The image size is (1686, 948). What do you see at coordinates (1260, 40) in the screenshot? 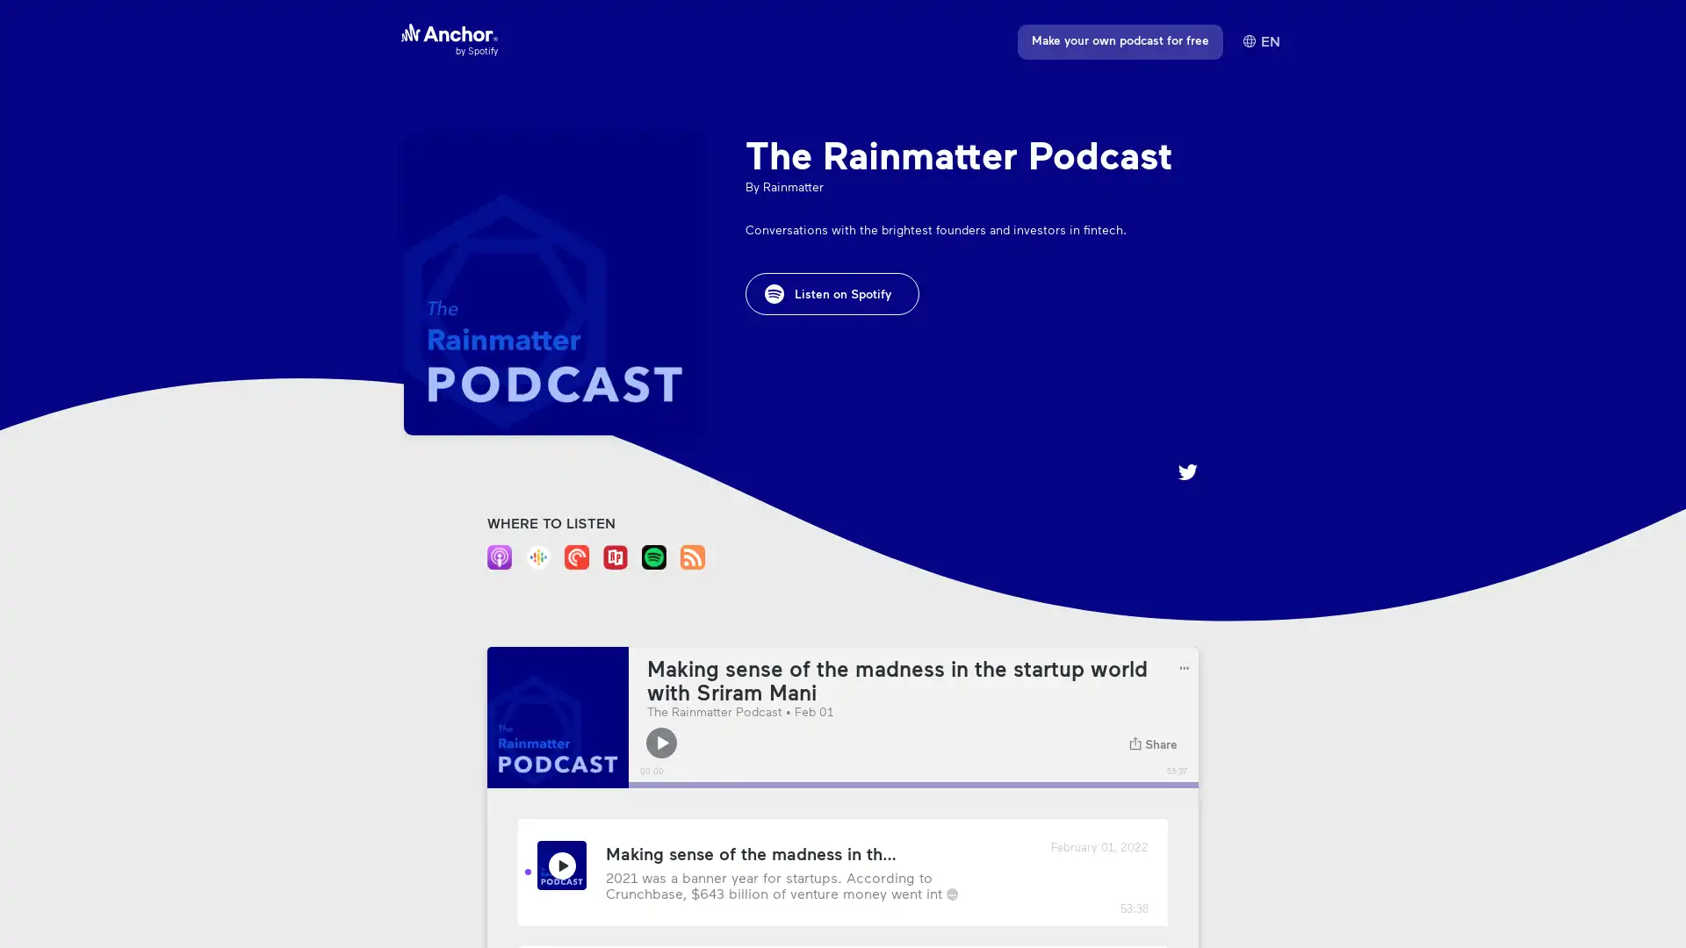
I see `Globe Icon EN` at bounding box center [1260, 40].